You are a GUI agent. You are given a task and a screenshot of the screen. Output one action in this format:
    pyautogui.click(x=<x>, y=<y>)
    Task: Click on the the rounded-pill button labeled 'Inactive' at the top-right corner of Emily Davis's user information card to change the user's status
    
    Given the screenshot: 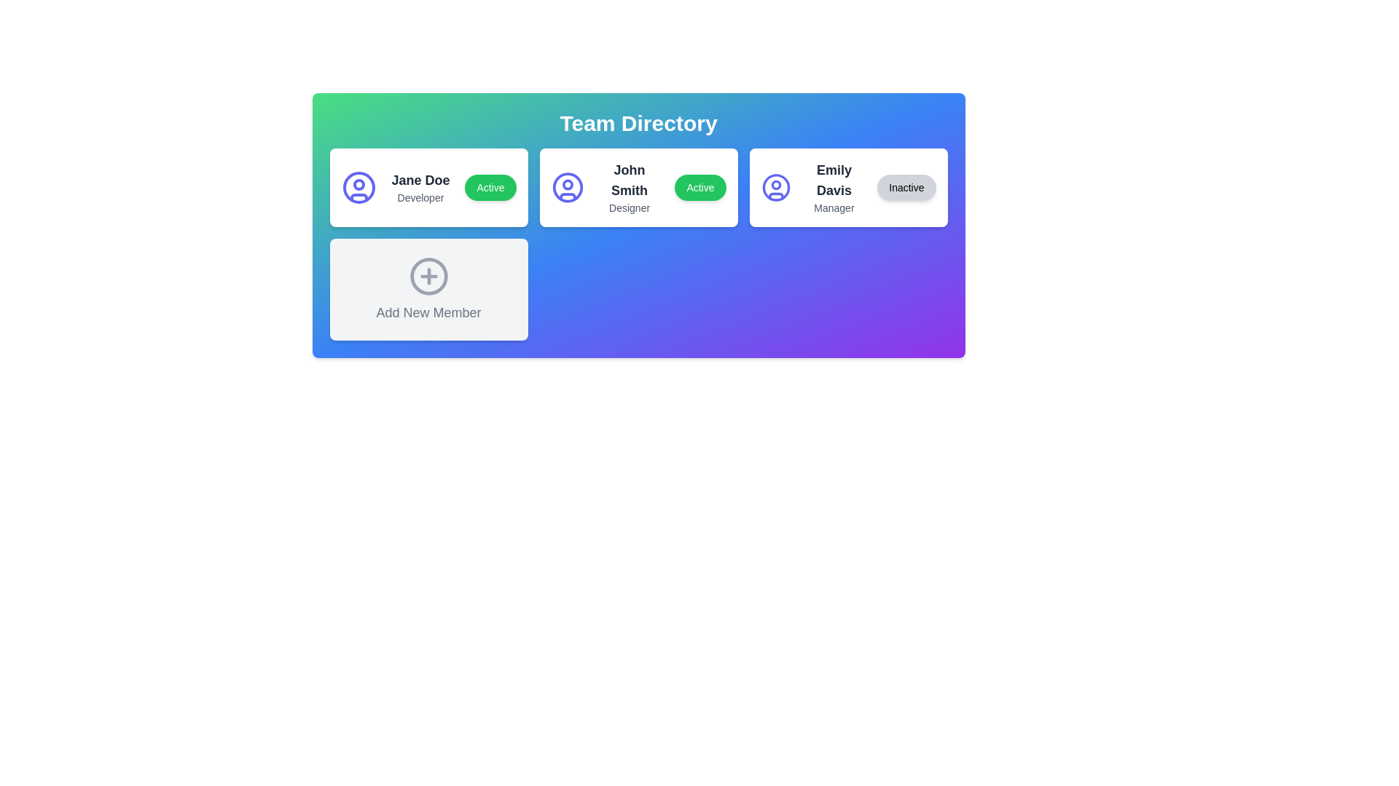 What is the action you would take?
    pyautogui.click(x=906, y=187)
    